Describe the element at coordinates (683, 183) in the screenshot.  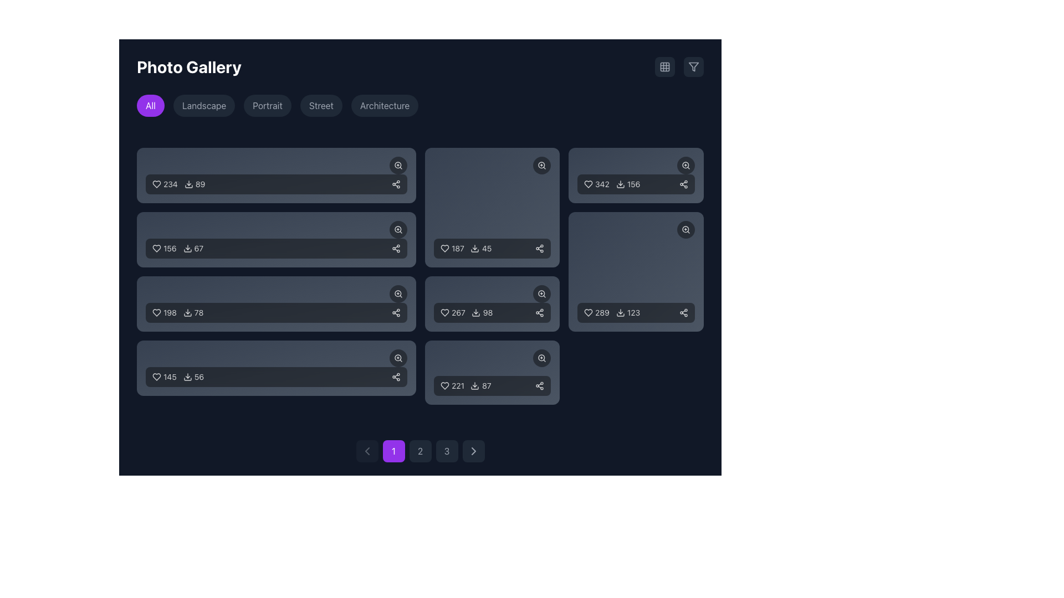
I see `the share icon button, which is represented by interconnected dots in a triangular pattern, located in the upper right section of the card displaying '342 156'` at that location.